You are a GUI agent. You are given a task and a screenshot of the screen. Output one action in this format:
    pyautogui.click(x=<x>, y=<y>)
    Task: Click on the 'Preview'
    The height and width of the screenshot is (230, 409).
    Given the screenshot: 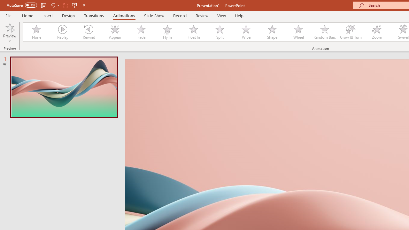 What is the action you would take?
    pyautogui.click(x=10, y=33)
    